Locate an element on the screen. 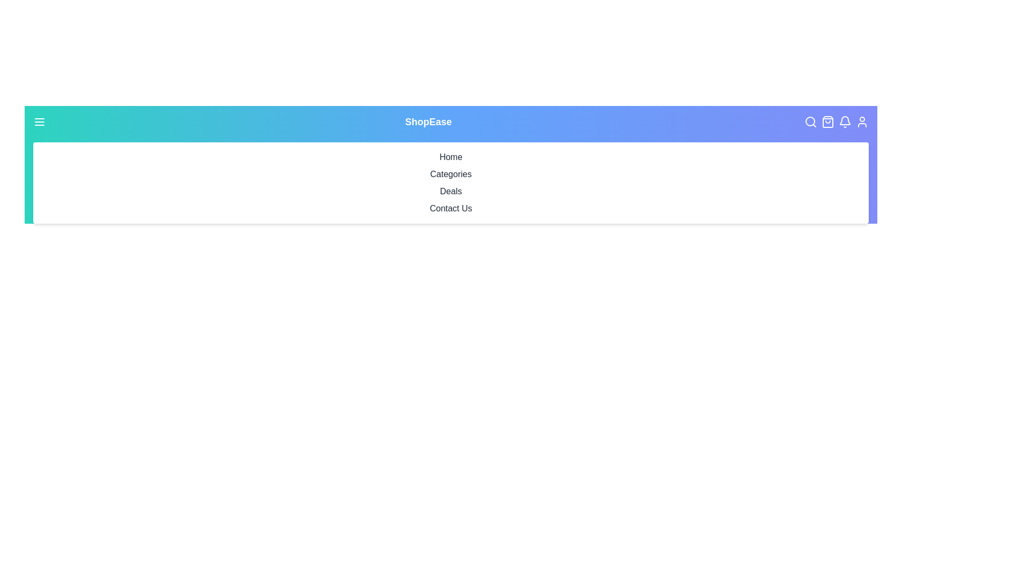 The width and height of the screenshot is (1029, 578). the 'Home' menu item in the navigation bar is located at coordinates (451, 157).